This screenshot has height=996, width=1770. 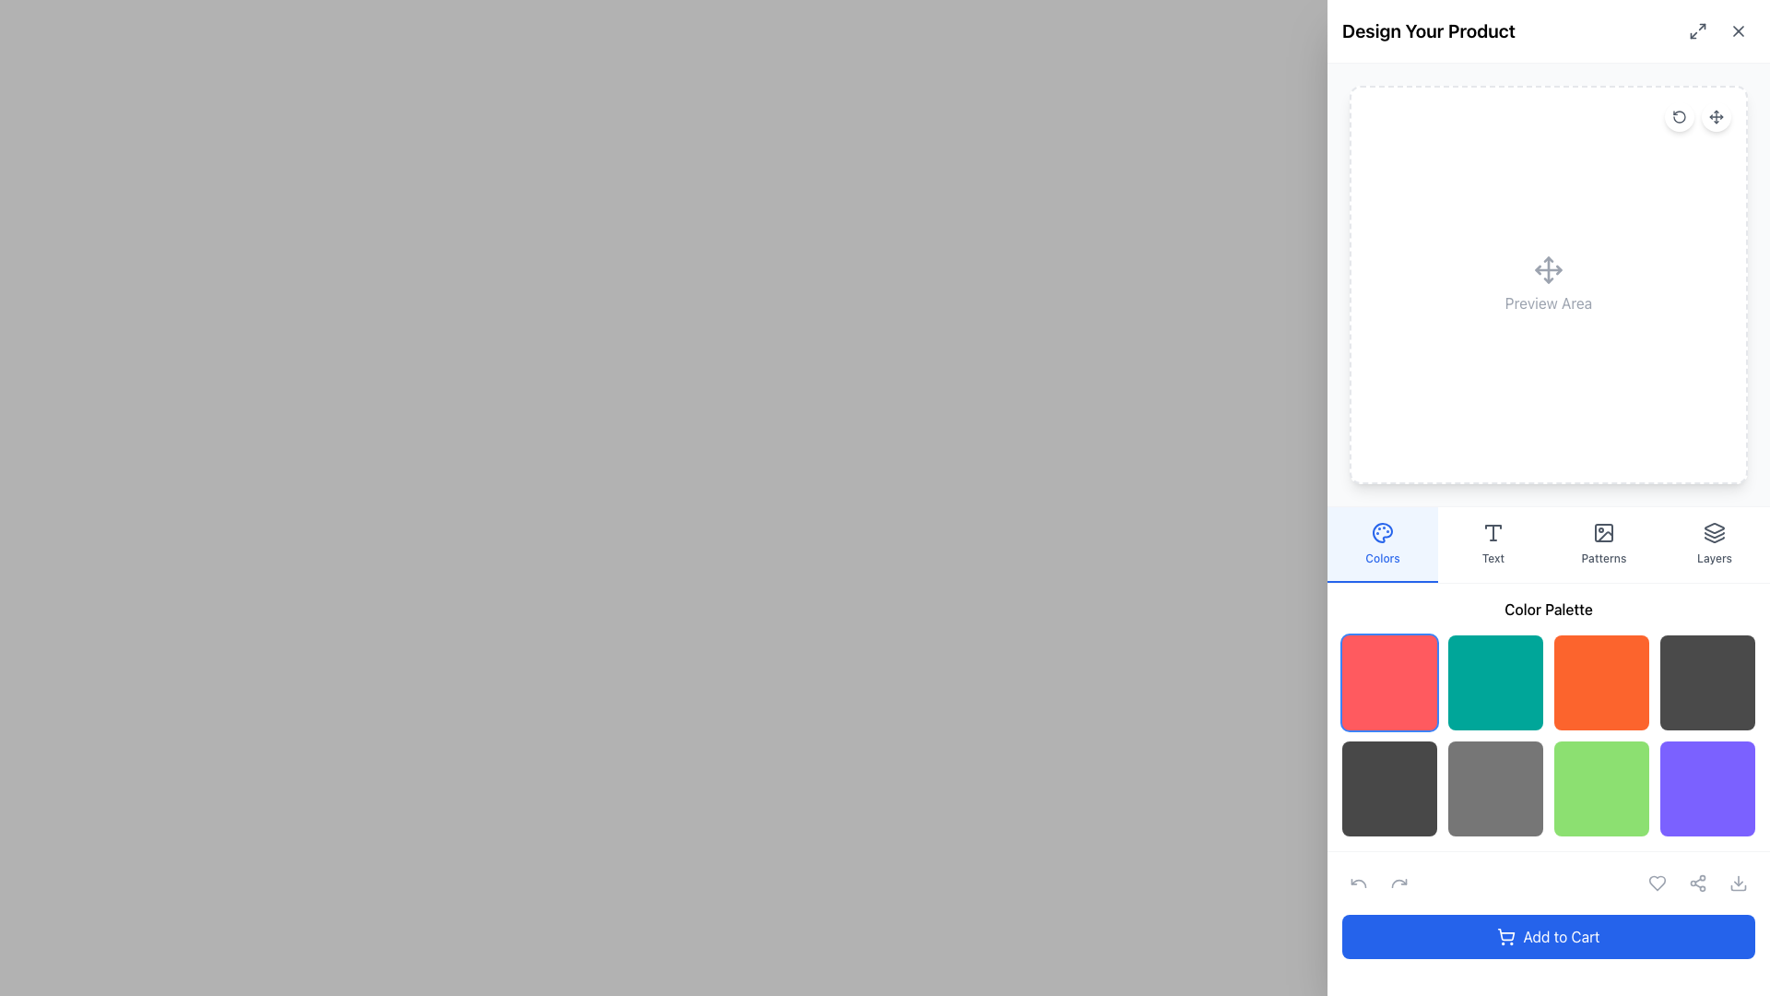 What do you see at coordinates (1738, 31) in the screenshot?
I see `the close icon located at the top-right corner of the 'Design Your Product' interface` at bounding box center [1738, 31].